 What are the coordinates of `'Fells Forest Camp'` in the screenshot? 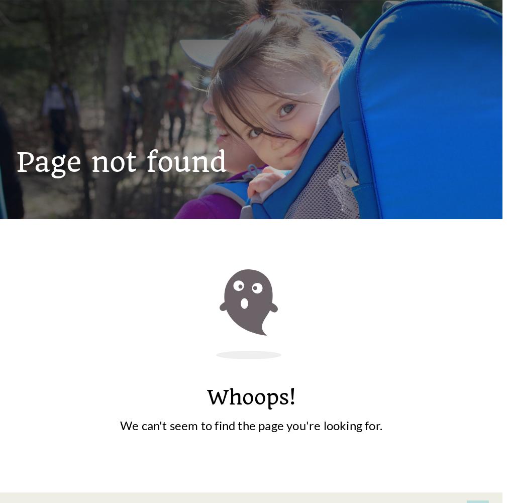 It's located at (260, 404).